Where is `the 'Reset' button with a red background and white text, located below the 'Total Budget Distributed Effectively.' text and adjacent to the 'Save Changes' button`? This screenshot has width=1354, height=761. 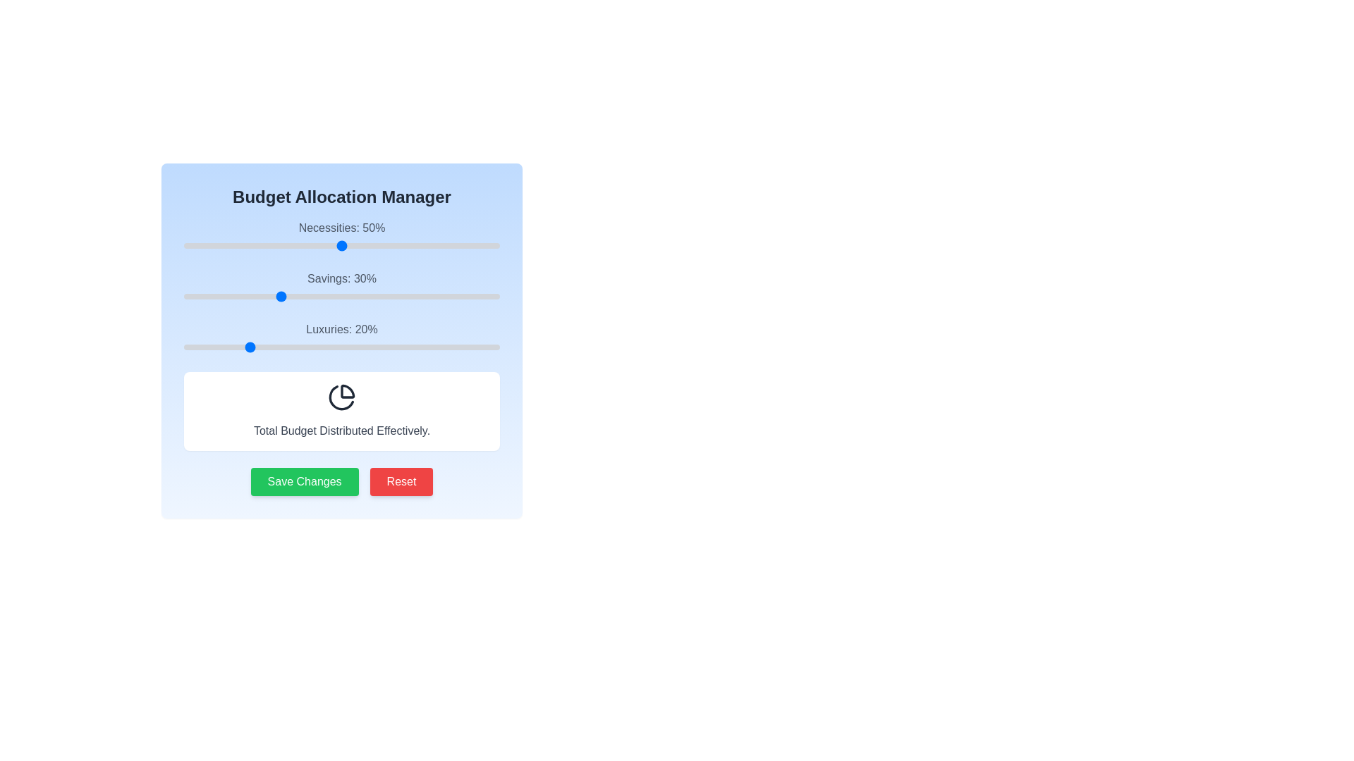 the 'Reset' button with a red background and white text, located below the 'Total Budget Distributed Effectively.' text and adjacent to the 'Save Changes' button is located at coordinates (401, 481).